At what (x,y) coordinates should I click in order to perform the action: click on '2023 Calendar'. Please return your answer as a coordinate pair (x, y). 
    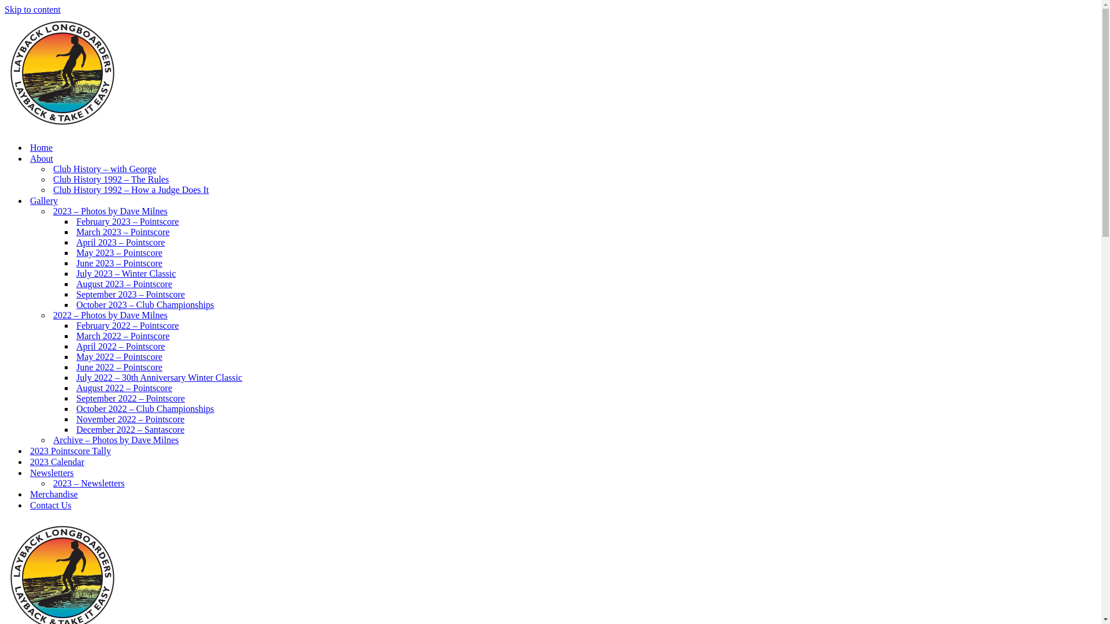
    Looking at the image, I should click on (57, 461).